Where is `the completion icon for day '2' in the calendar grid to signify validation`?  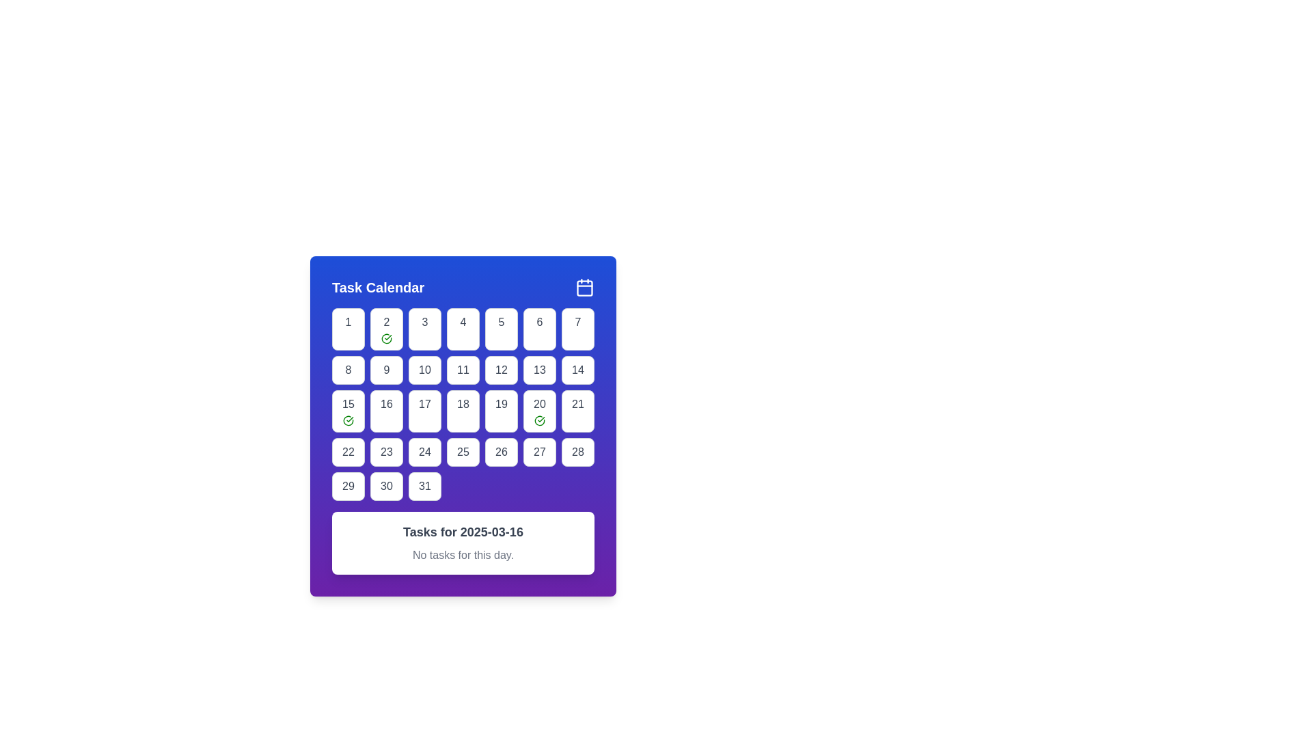
the completion icon for day '2' in the calendar grid to signify validation is located at coordinates (386, 338).